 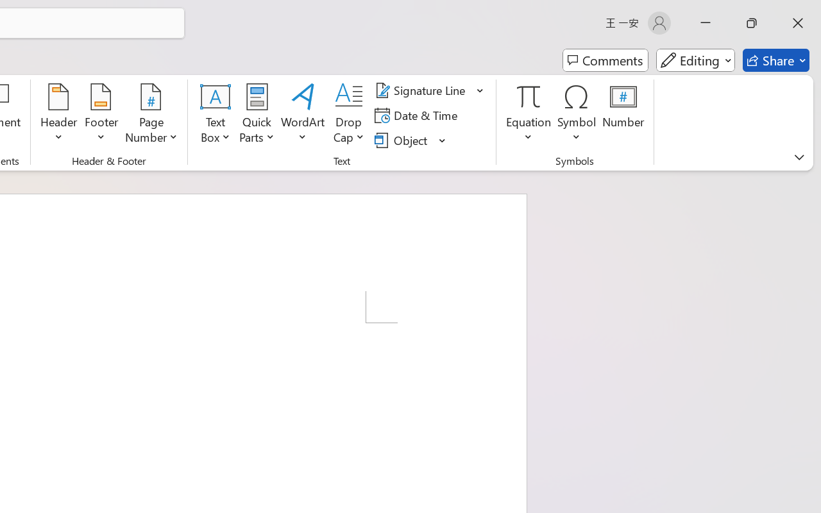 I want to click on 'Ribbon Display Options', so click(x=799, y=156).